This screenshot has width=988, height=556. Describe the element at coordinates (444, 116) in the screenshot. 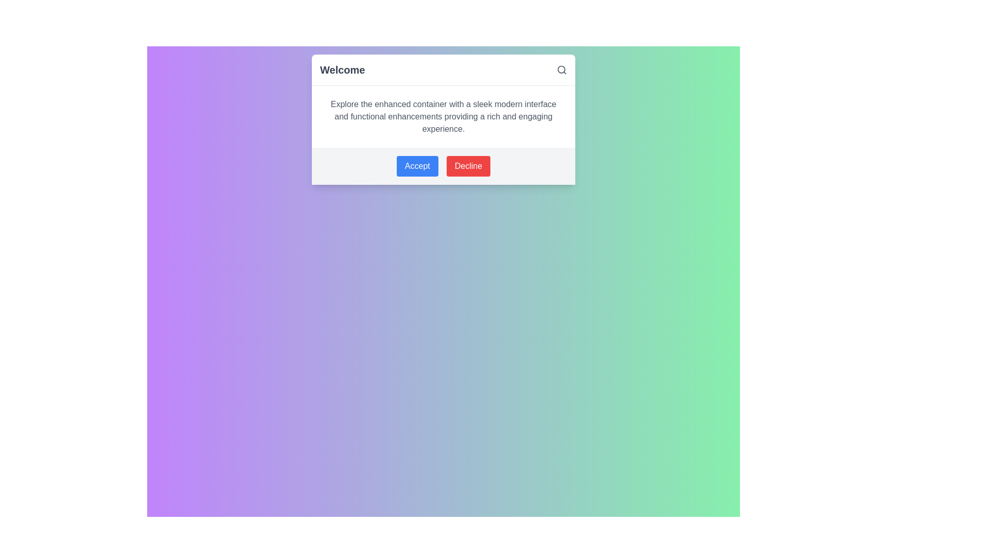

I see `the informational text block that describes the system's features, positioned below the 'Welcome' heading and above the 'Accept' and 'Decline' buttons` at that location.